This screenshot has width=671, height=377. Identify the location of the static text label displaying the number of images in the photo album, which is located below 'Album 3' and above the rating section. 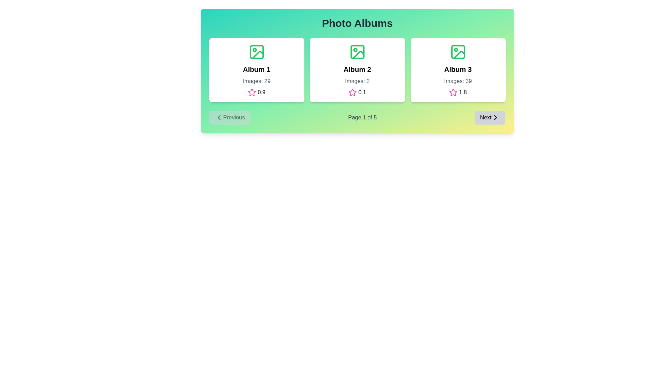
(458, 81).